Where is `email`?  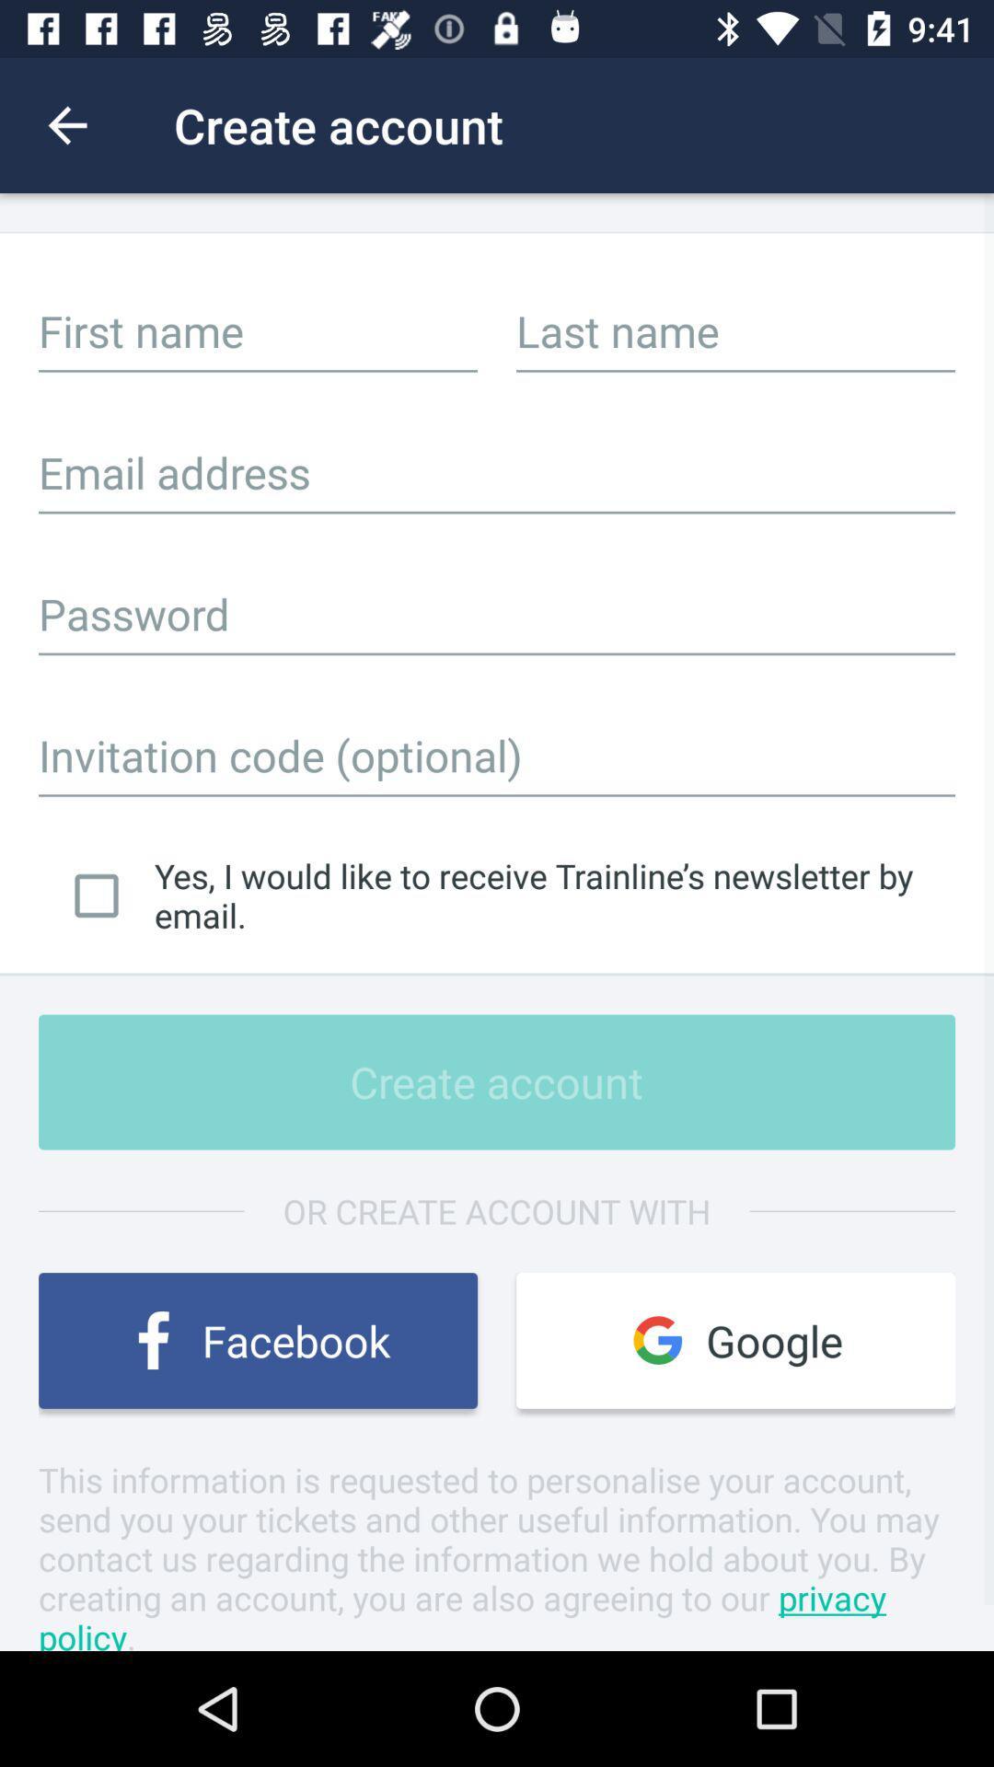 email is located at coordinates (497, 472).